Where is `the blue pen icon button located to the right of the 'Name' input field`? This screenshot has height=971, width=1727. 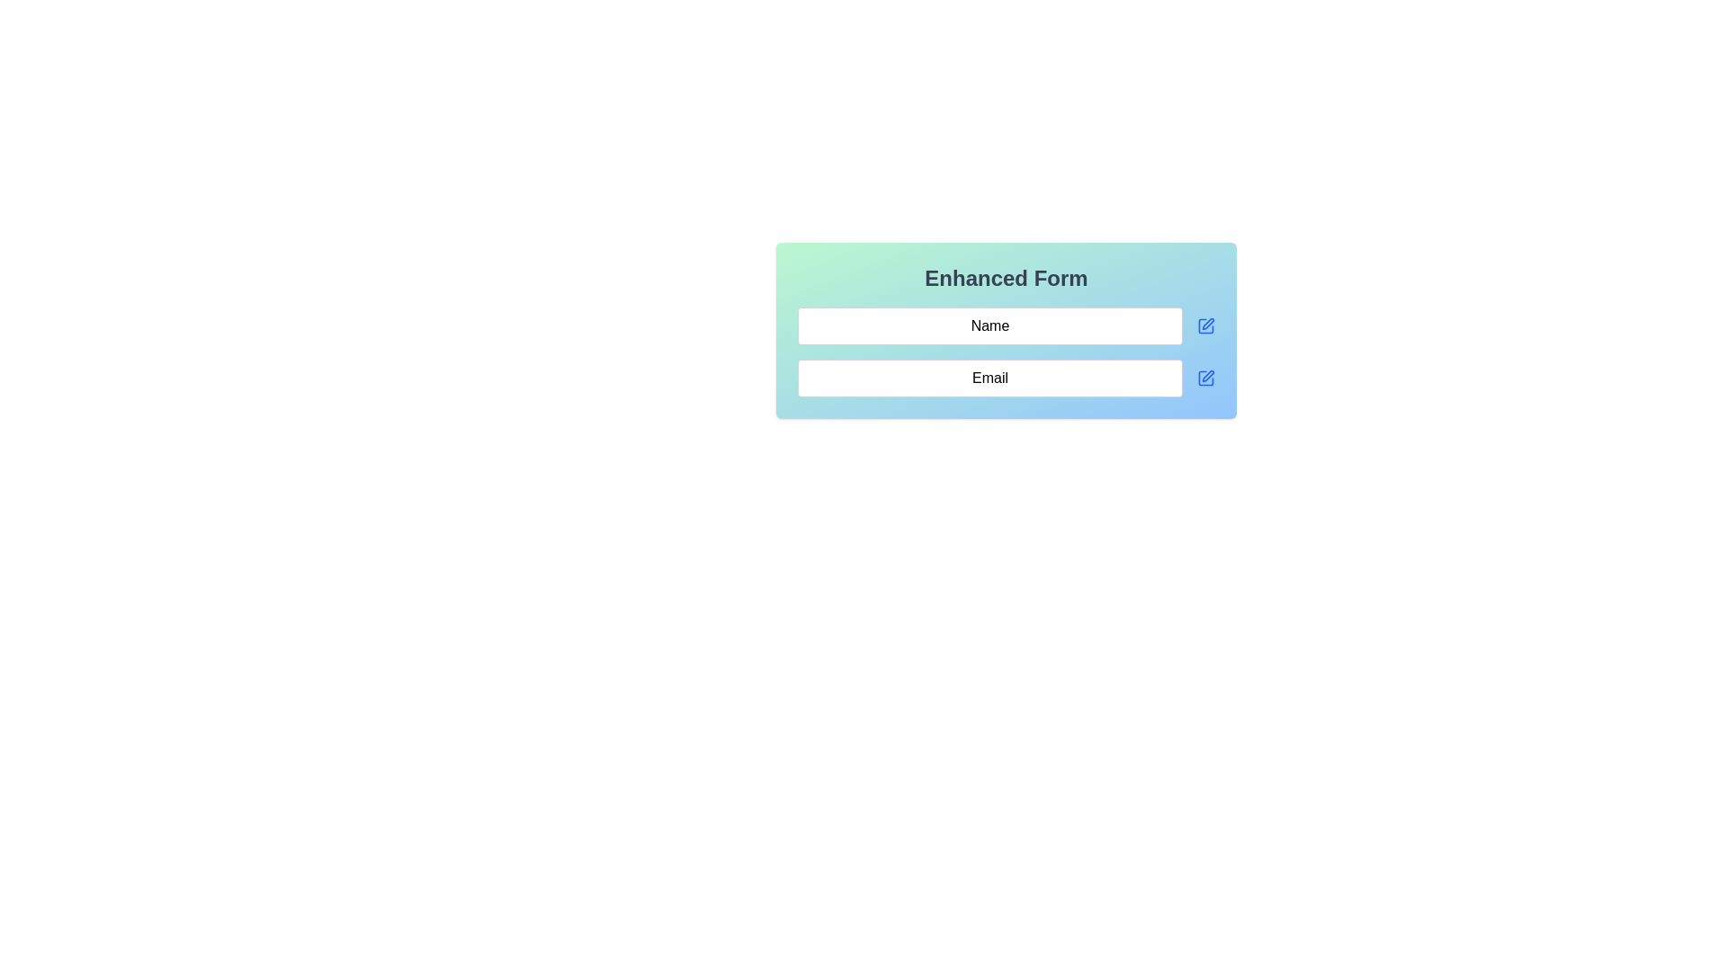
the blue pen icon button located to the right of the 'Name' input field is located at coordinates (1205, 325).